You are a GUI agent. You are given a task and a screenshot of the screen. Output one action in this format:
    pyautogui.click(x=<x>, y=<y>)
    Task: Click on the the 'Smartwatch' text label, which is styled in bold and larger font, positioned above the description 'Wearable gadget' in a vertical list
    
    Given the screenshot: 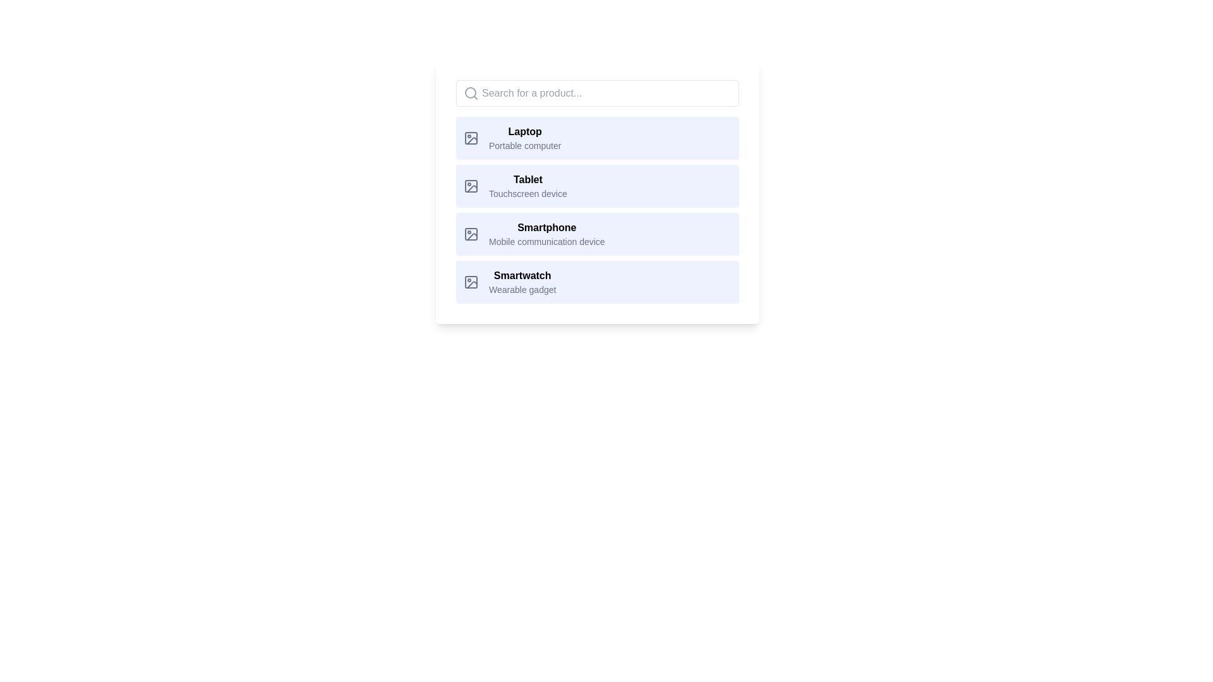 What is the action you would take?
    pyautogui.click(x=522, y=275)
    